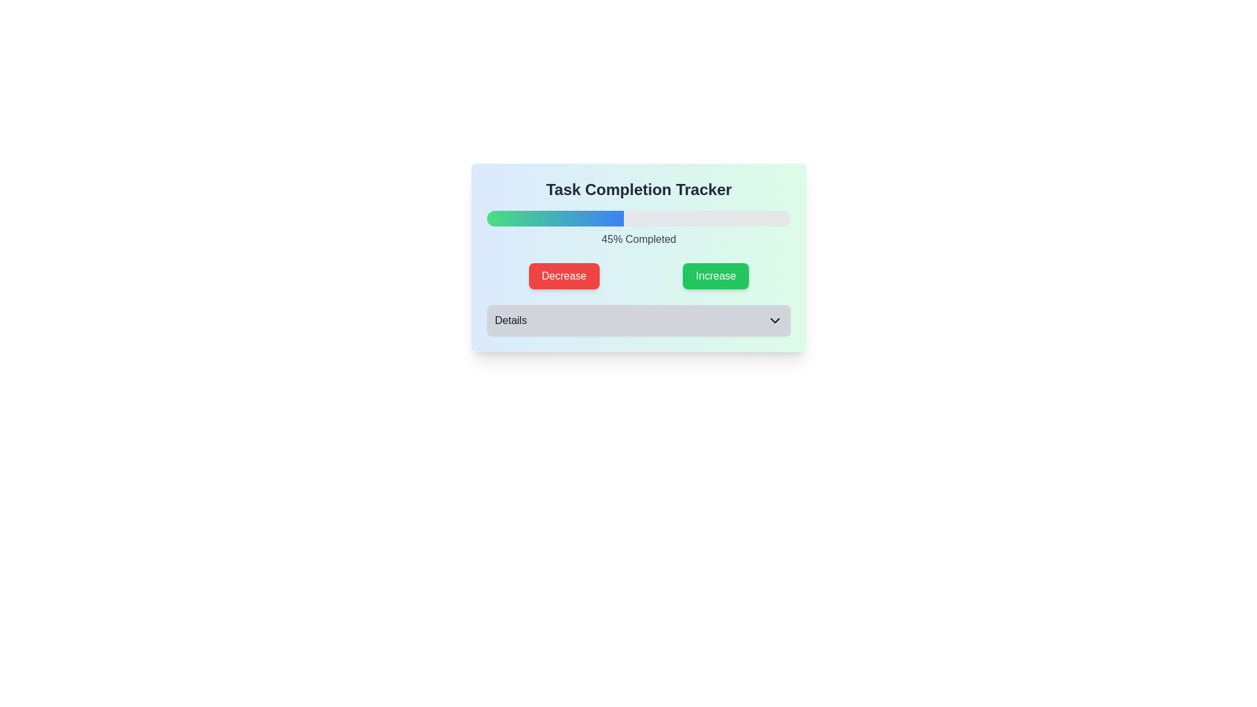  I want to click on the Progress bar segment indicating 45% completion of the task within the gray rounded rectangle of the Task Completion Tracker interface, so click(555, 218).